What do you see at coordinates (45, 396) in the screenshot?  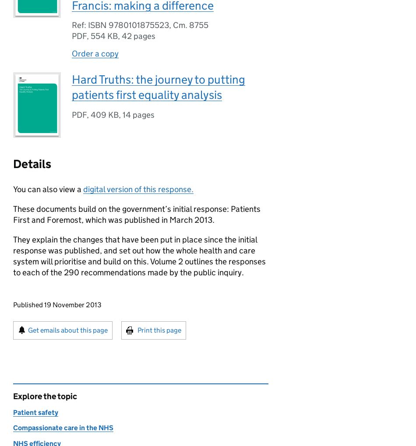 I see `'Explore the topic'` at bounding box center [45, 396].